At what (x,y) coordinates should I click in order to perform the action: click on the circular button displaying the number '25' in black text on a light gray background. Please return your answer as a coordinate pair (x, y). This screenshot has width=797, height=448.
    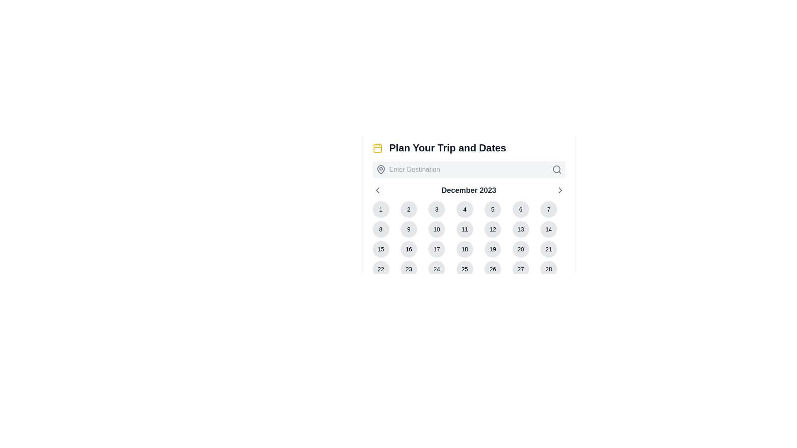
    Looking at the image, I should click on (464, 269).